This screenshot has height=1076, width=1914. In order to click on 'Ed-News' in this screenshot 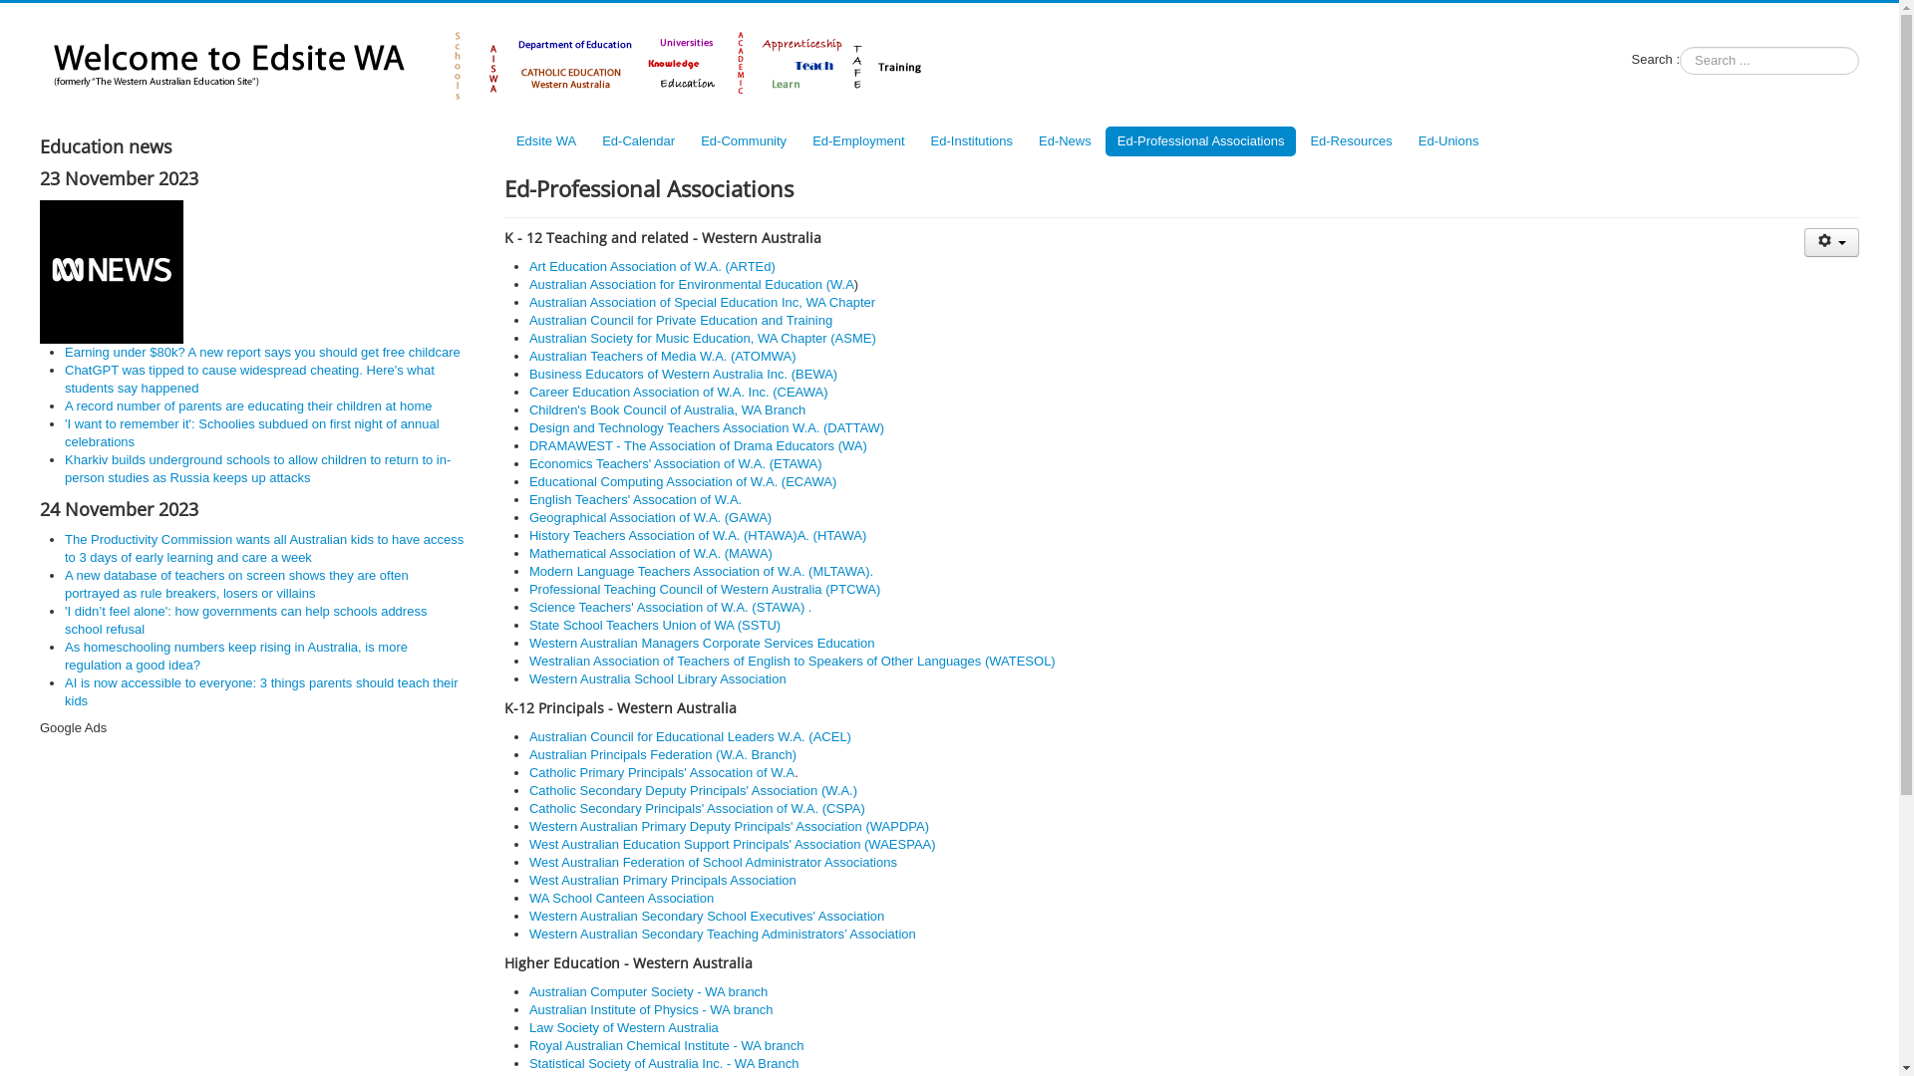, I will do `click(1027, 140)`.